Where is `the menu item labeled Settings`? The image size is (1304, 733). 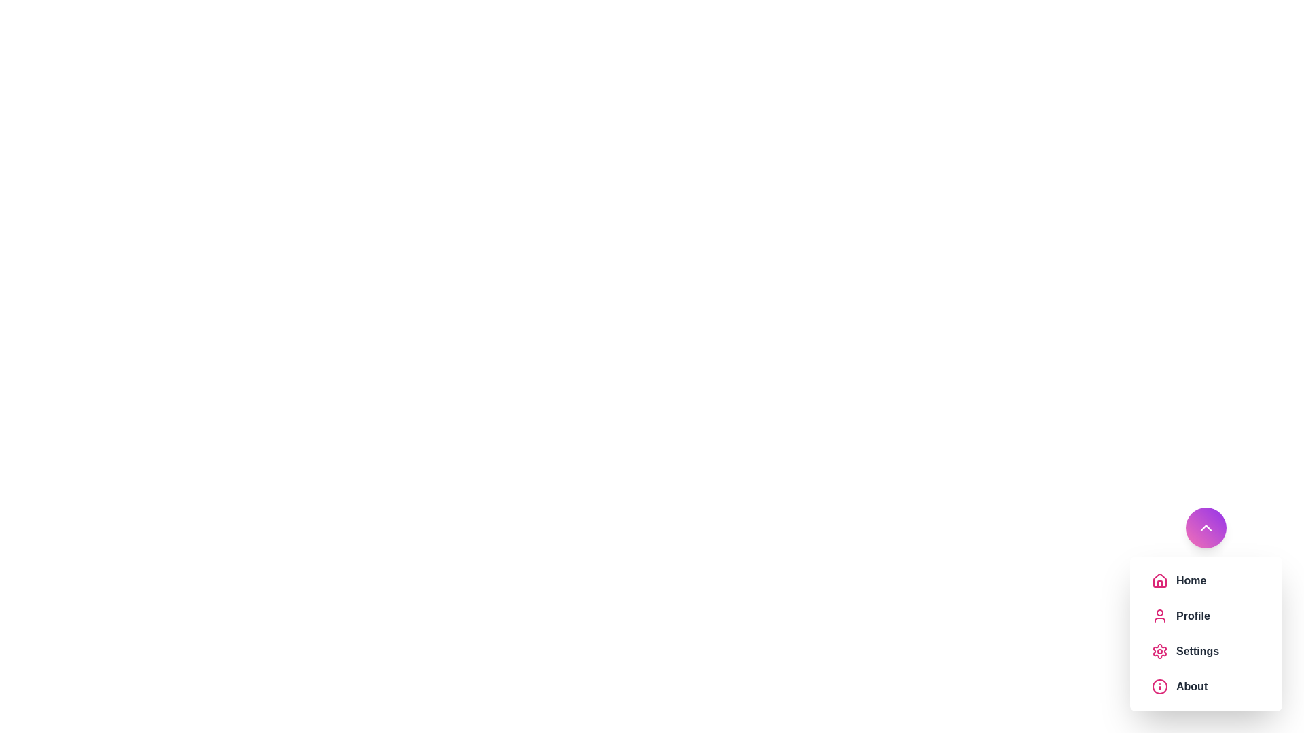
the menu item labeled Settings is located at coordinates (1218, 651).